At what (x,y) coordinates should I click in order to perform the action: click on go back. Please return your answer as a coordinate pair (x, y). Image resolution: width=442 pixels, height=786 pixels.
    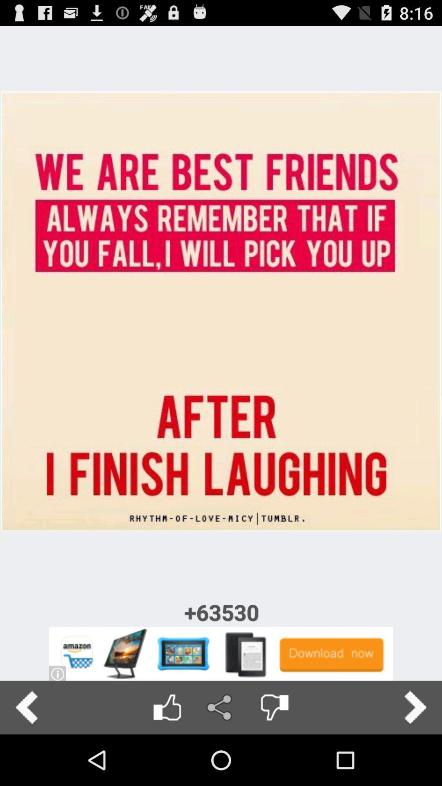
    Looking at the image, I should click on (26, 707).